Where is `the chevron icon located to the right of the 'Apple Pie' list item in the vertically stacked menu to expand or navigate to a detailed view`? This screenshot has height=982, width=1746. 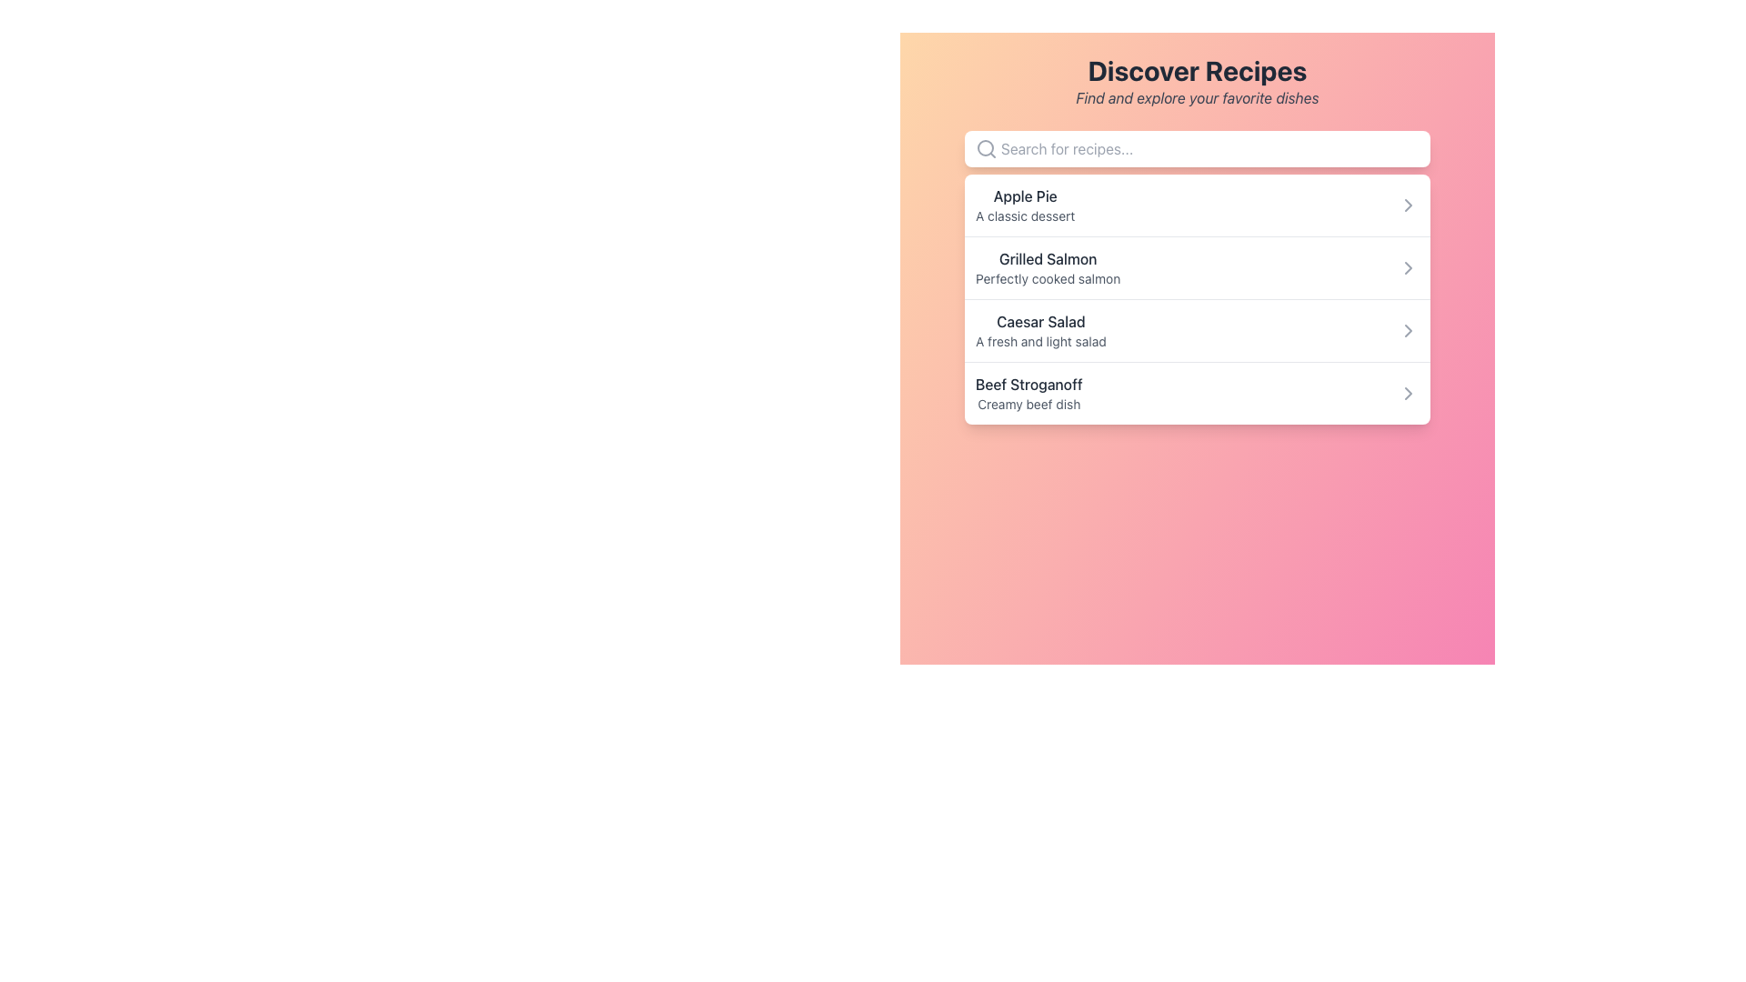
the chevron icon located to the right of the 'Apple Pie' list item in the vertically stacked menu to expand or navigate to a detailed view is located at coordinates (1408, 205).